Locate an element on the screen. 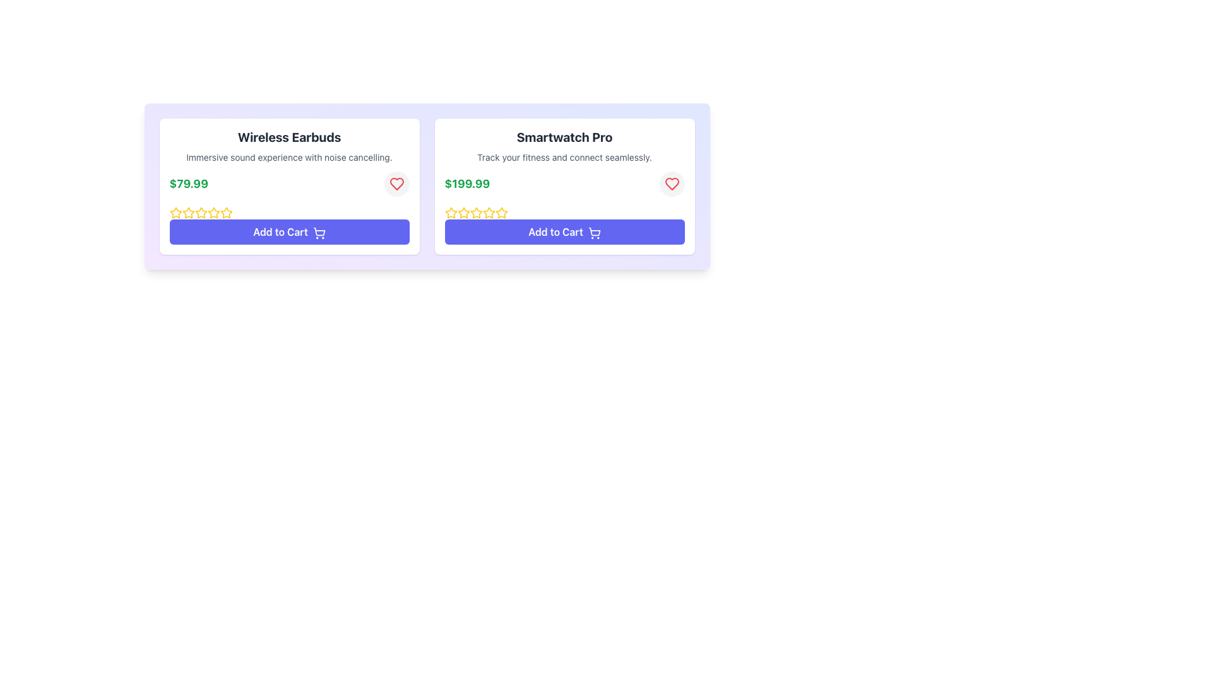 The image size is (1212, 681). the first star-shaped rating icon with a yellow outline located in the second product card titled 'Smartwatch Pro', which is situated directly beneath the product price is located at coordinates (451, 212).